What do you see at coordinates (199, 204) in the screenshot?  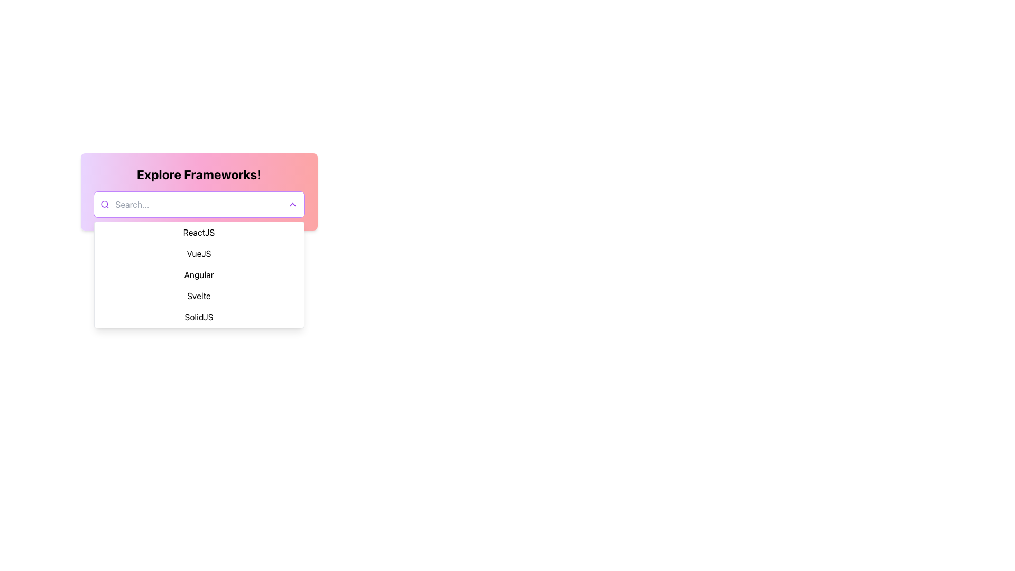 I see `the dropdown arrow of the Search bar located below the title 'Explore Frameworks!'` at bounding box center [199, 204].